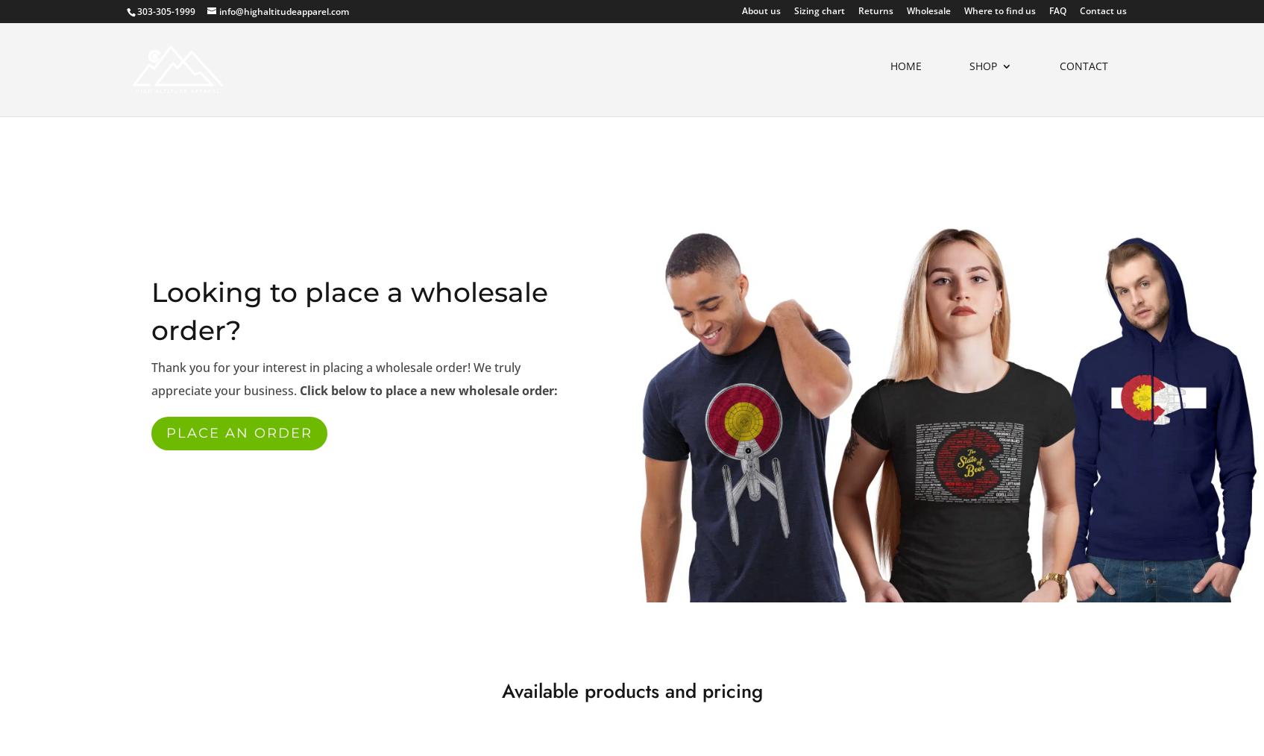  What do you see at coordinates (820, 244) in the screenshot?
I see `'Youth apparel'` at bounding box center [820, 244].